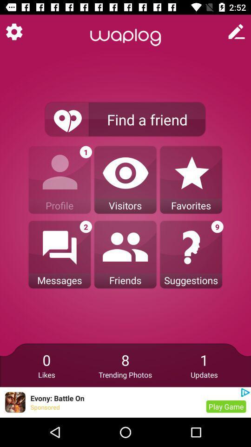 This screenshot has height=447, width=251. I want to click on play game which is in the right corner of the screen, so click(226, 406).